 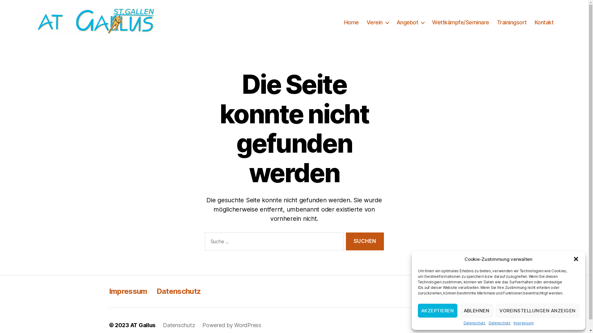 I want to click on 'Datenschutz', so click(x=464, y=323).